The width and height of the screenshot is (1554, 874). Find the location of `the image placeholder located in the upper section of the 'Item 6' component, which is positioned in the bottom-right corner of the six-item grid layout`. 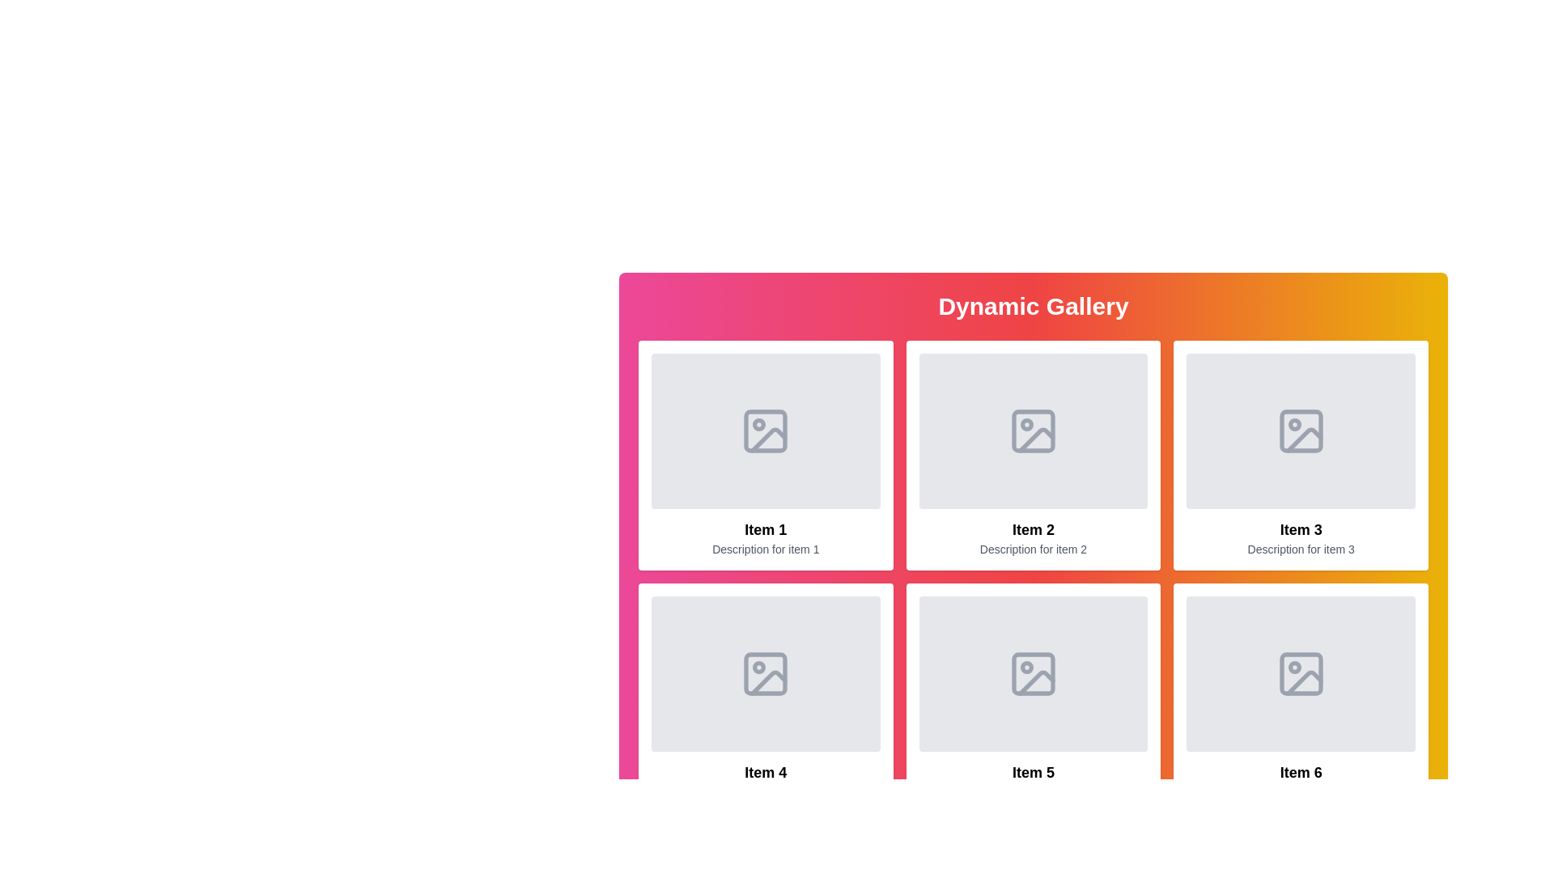

the image placeholder located in the upper section of the 'Item 6' component, which is positioned in the bottom-right corner of the six-item grid layout is located at coordinates (1301, 674).